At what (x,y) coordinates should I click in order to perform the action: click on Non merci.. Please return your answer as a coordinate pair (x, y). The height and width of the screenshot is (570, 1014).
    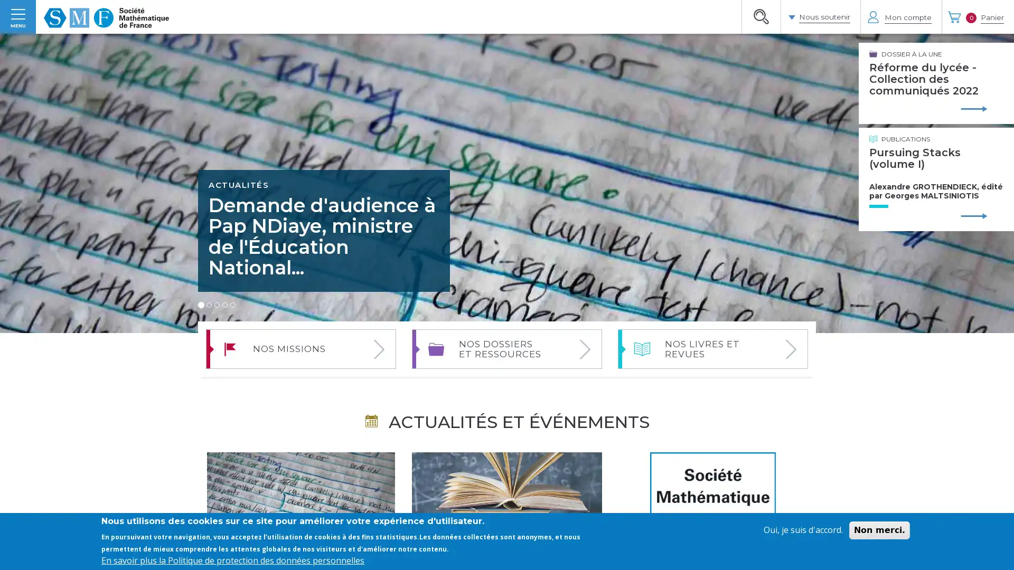
    Looking at the image, I should click on (879, 530).